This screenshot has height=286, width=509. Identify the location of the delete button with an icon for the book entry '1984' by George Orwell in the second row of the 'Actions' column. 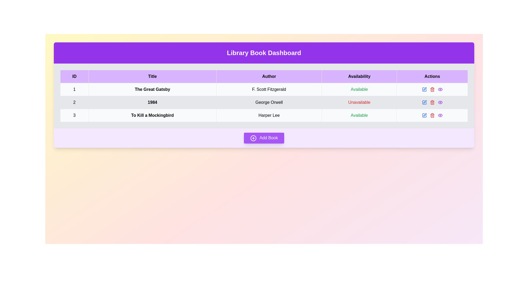
(432, 102).